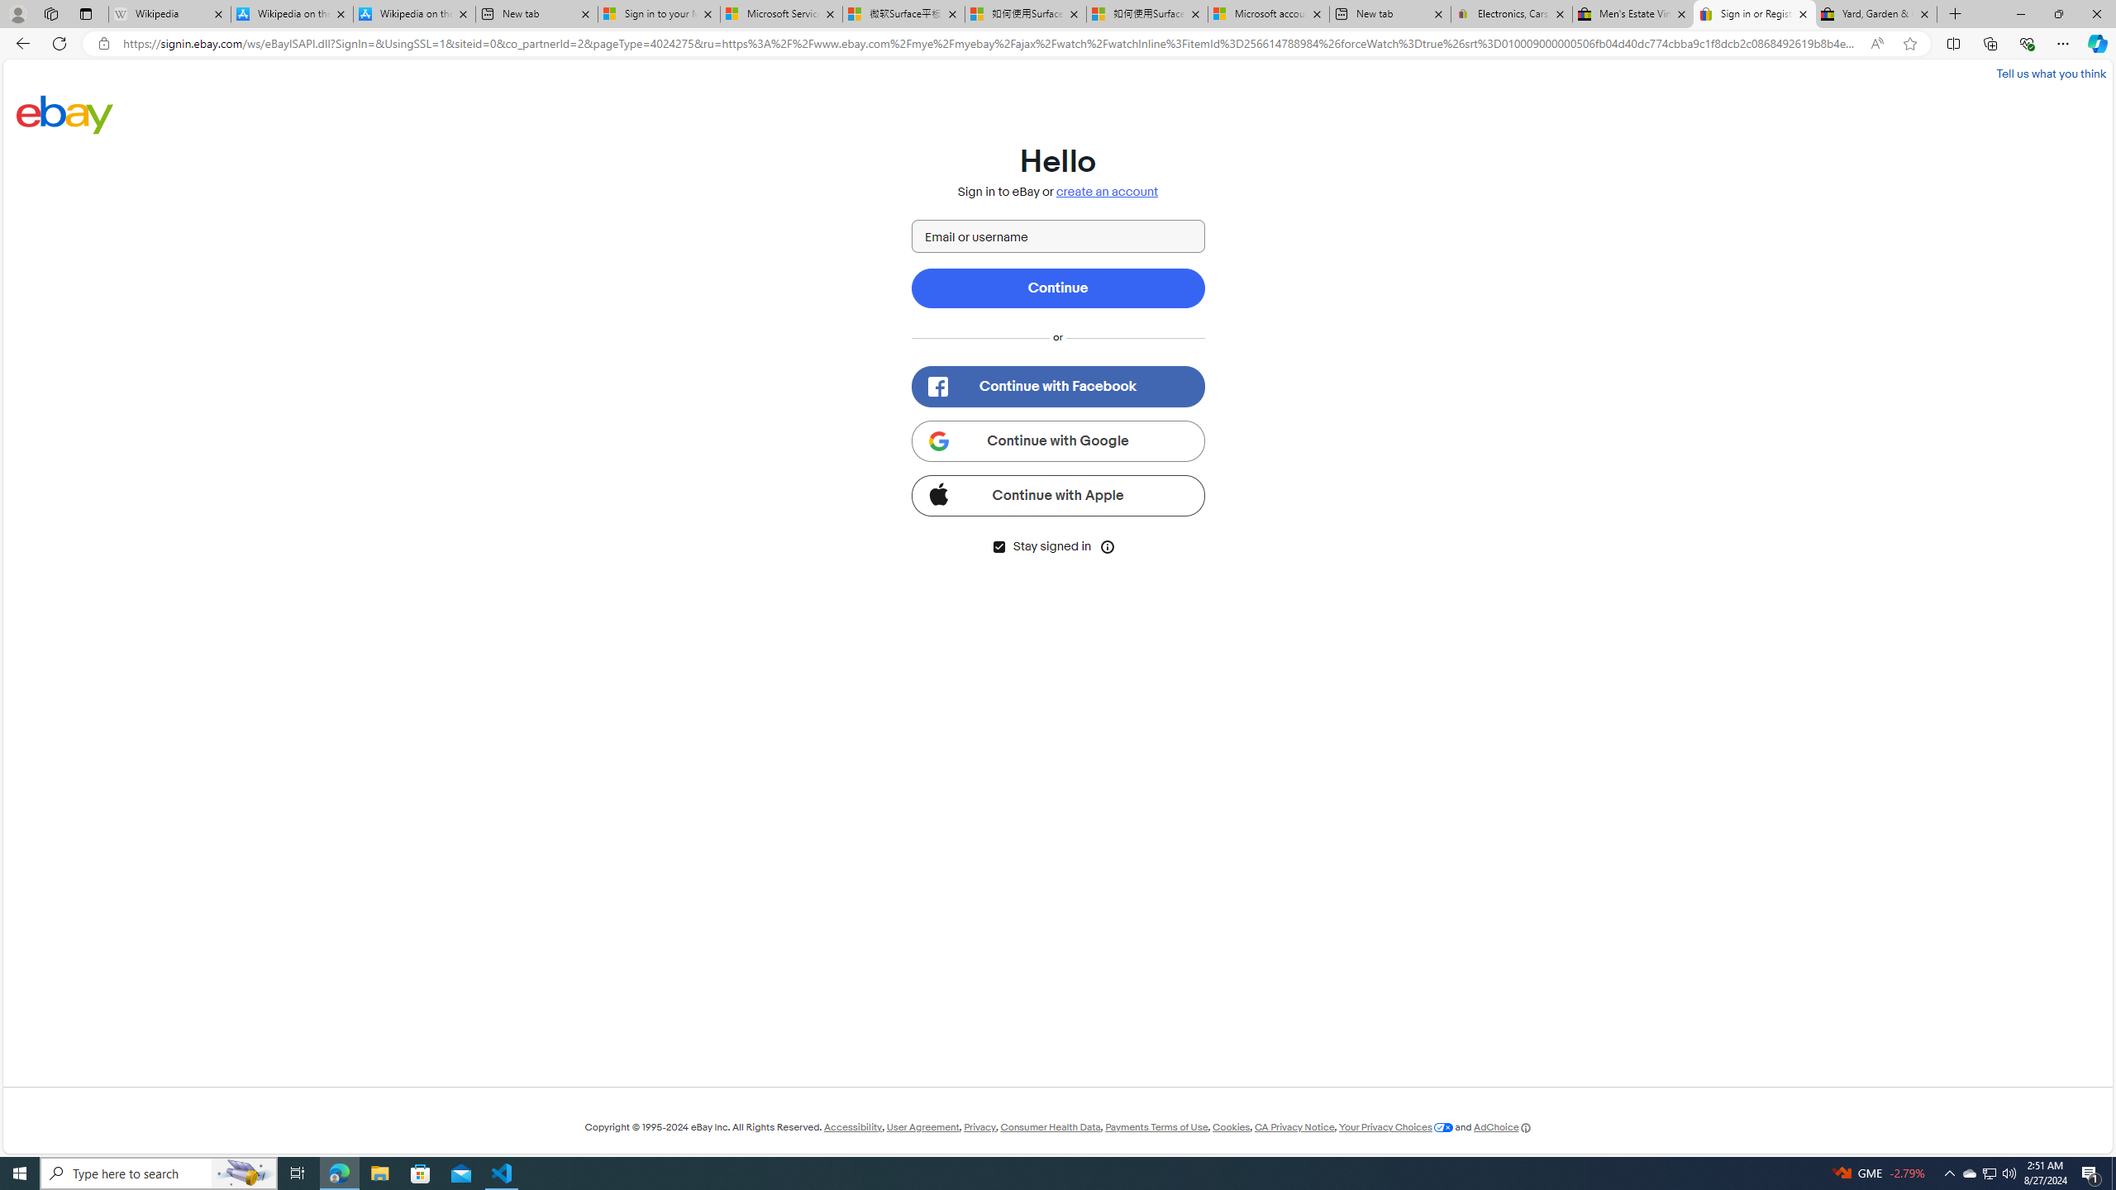  Describe the element at coordinates (1058, 386) in the screenshot. I see `'Continue with Facebook'` at that location.